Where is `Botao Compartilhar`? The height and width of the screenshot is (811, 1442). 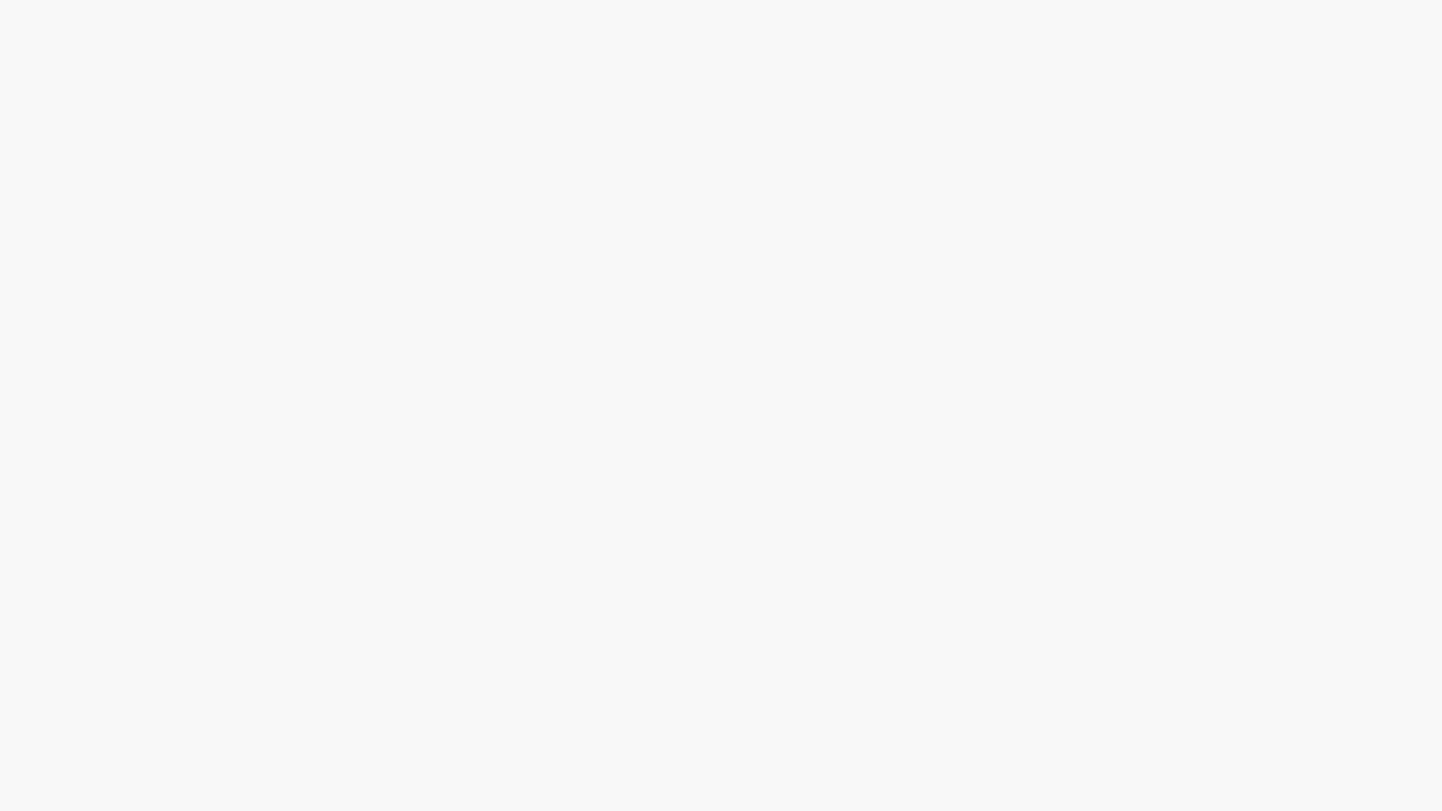 Botao Compartilhar is located at coordinates (1146, 425).